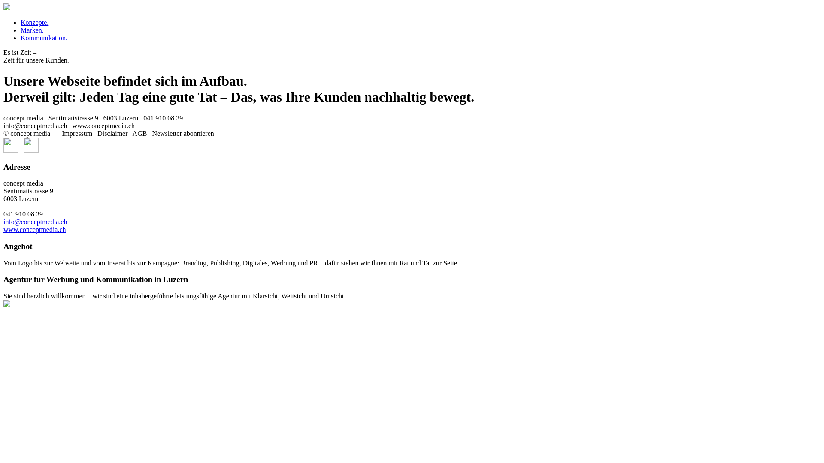  I want to click on 'www.conceptmedia.ch', so click(34, 229).